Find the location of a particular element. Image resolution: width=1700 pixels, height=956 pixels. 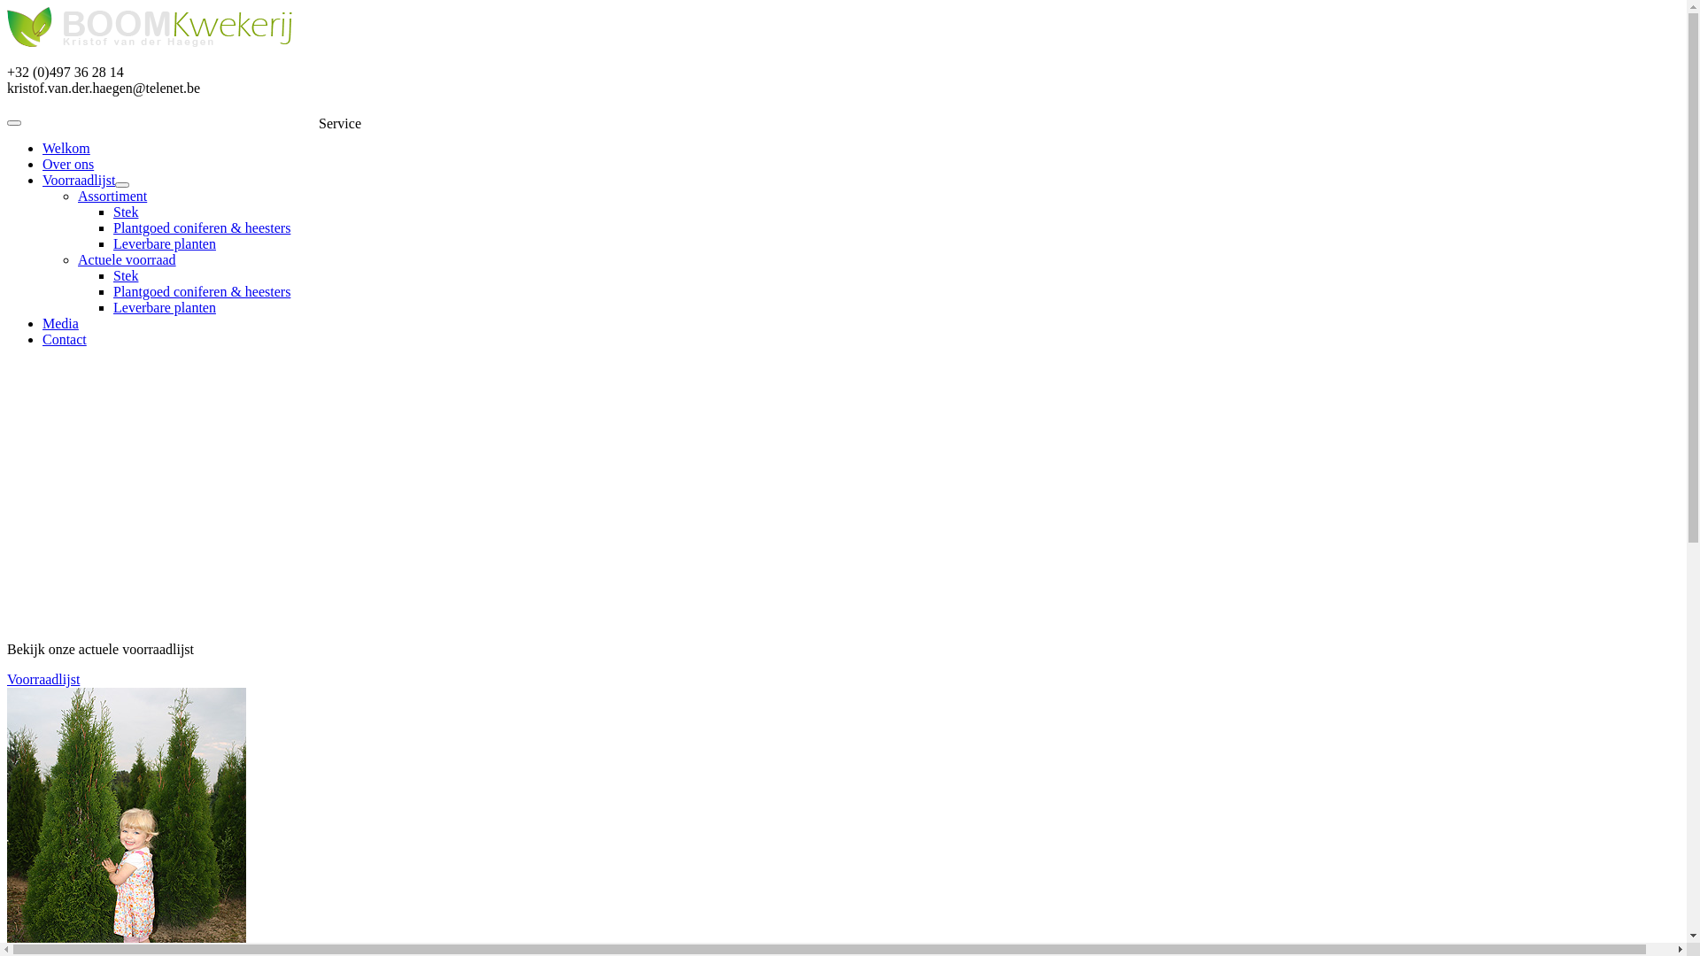

'Media' is located at coordinates (60, 323).